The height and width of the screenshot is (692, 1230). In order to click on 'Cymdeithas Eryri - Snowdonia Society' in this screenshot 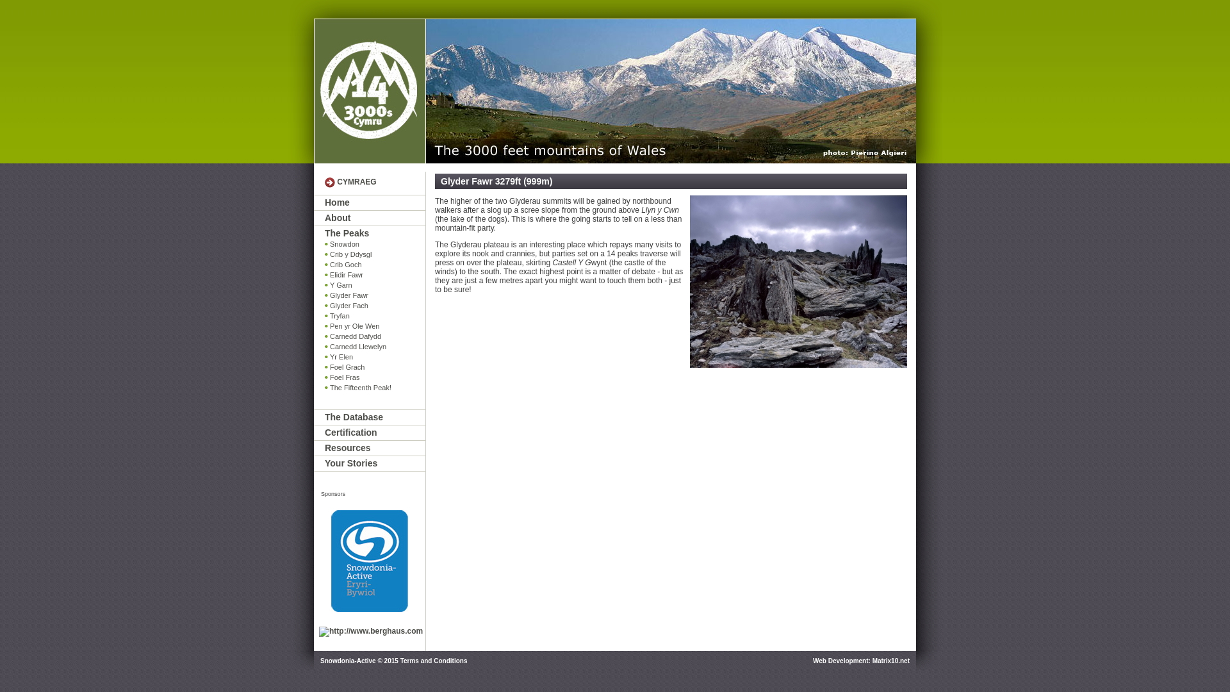, I will do `click(368, 90)`.